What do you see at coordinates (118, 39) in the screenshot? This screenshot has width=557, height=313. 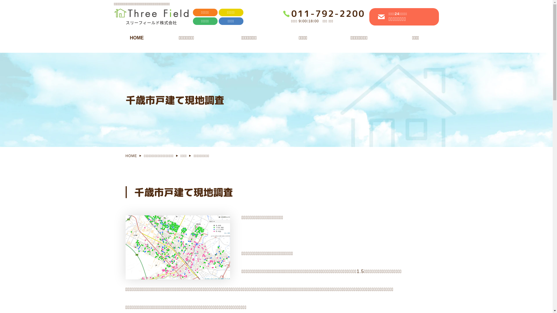 I see `'HOME'` at bounding box center [118, 39].